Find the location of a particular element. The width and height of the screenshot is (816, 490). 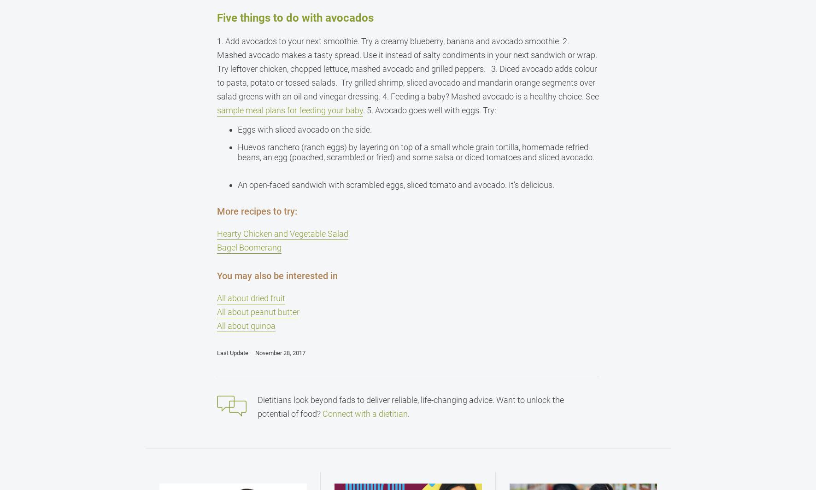

'All about peanut butter' is located at coordinates (257, 312).